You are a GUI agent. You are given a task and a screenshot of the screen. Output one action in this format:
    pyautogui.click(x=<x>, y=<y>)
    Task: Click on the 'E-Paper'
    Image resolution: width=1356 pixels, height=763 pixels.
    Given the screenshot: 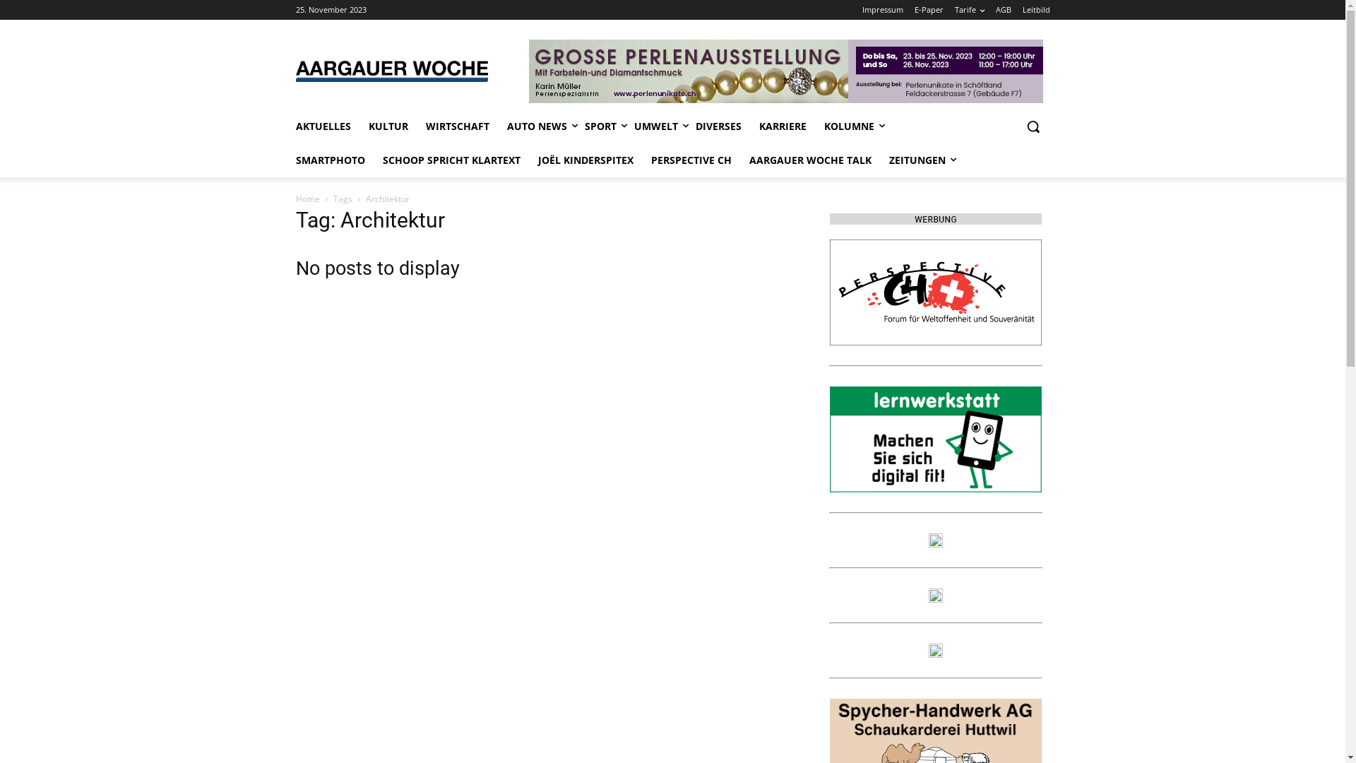 What is the action you would take?
    pyautogui.click(x=928, y=10)
    